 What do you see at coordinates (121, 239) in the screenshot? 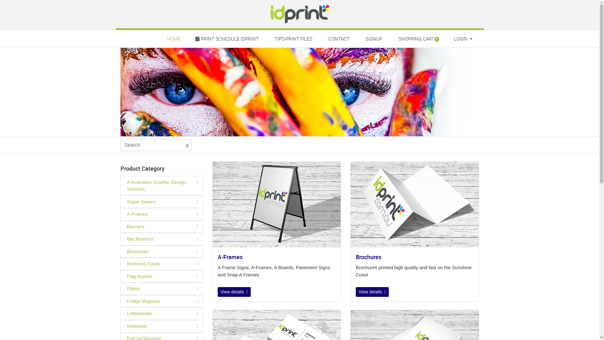
I see `'Bar Runners'` at bounding box center [121, 239].